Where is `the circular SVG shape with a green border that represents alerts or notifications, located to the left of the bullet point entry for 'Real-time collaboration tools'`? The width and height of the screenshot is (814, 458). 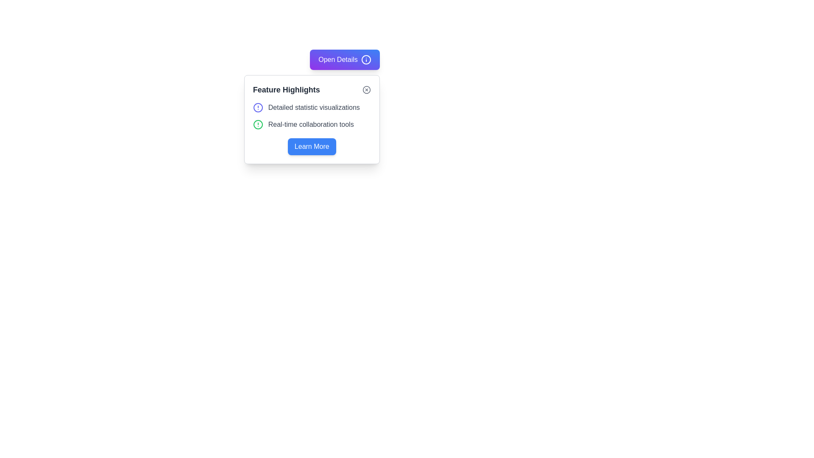 the circular SVG shape with a green border that represents alerts or notifications, located to the left of the bullet point entry for 'Real-time collaboration tools' is located at coordinates (257, 124).